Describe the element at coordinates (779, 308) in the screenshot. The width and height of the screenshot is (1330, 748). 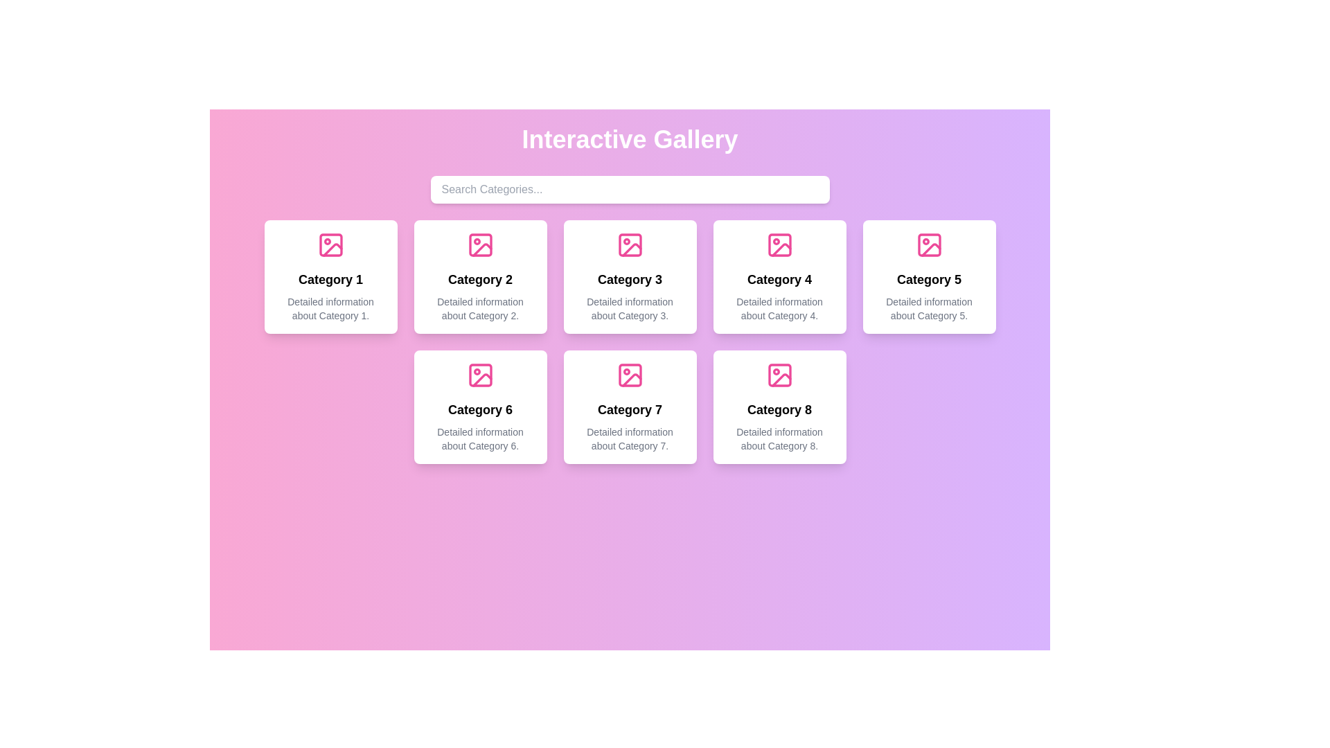
I see `static text element displaying 'Detailed information about Category 4.' located in the card labeled 'Category 4'` at that location.